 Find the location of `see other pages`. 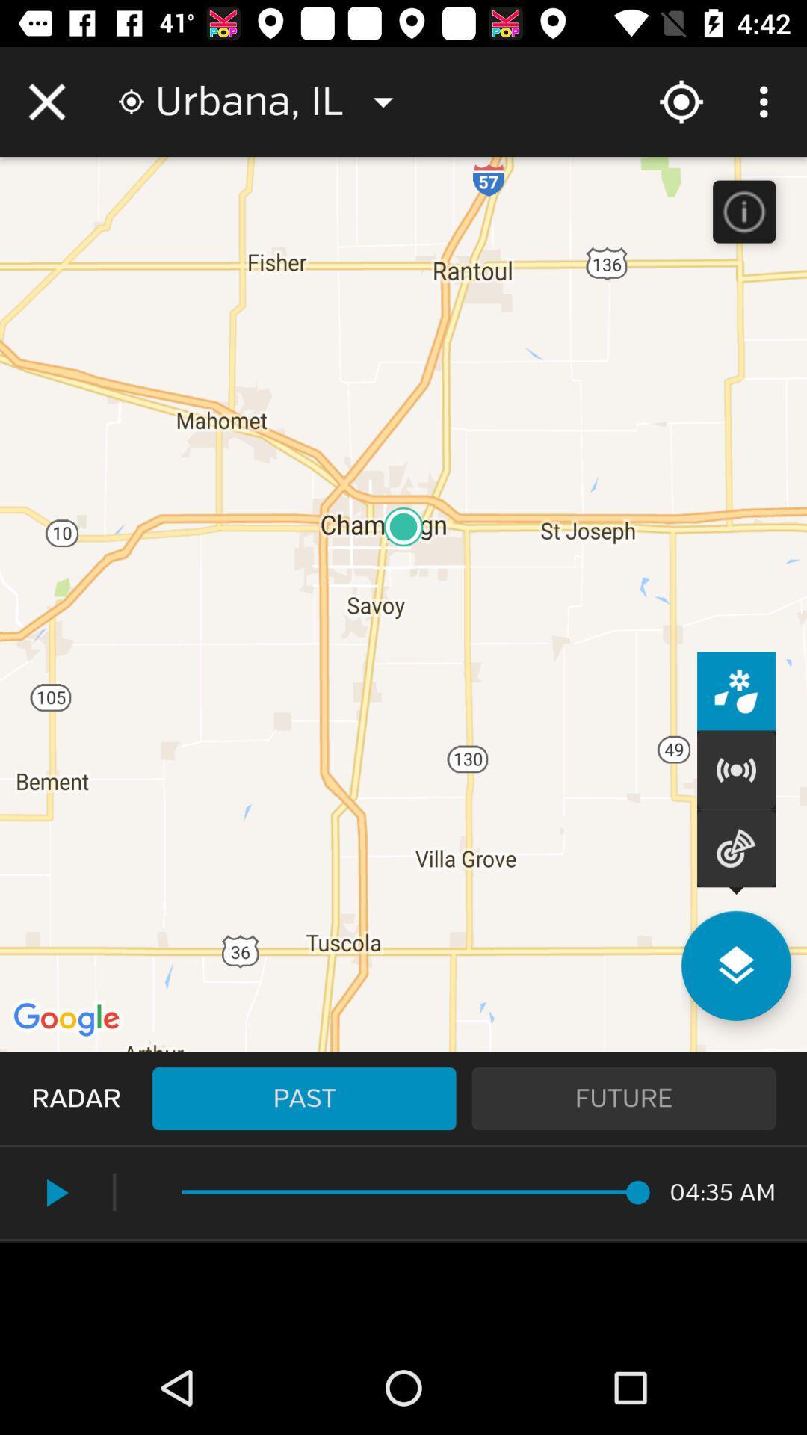

see other pages is located at coordinates (735, 966).